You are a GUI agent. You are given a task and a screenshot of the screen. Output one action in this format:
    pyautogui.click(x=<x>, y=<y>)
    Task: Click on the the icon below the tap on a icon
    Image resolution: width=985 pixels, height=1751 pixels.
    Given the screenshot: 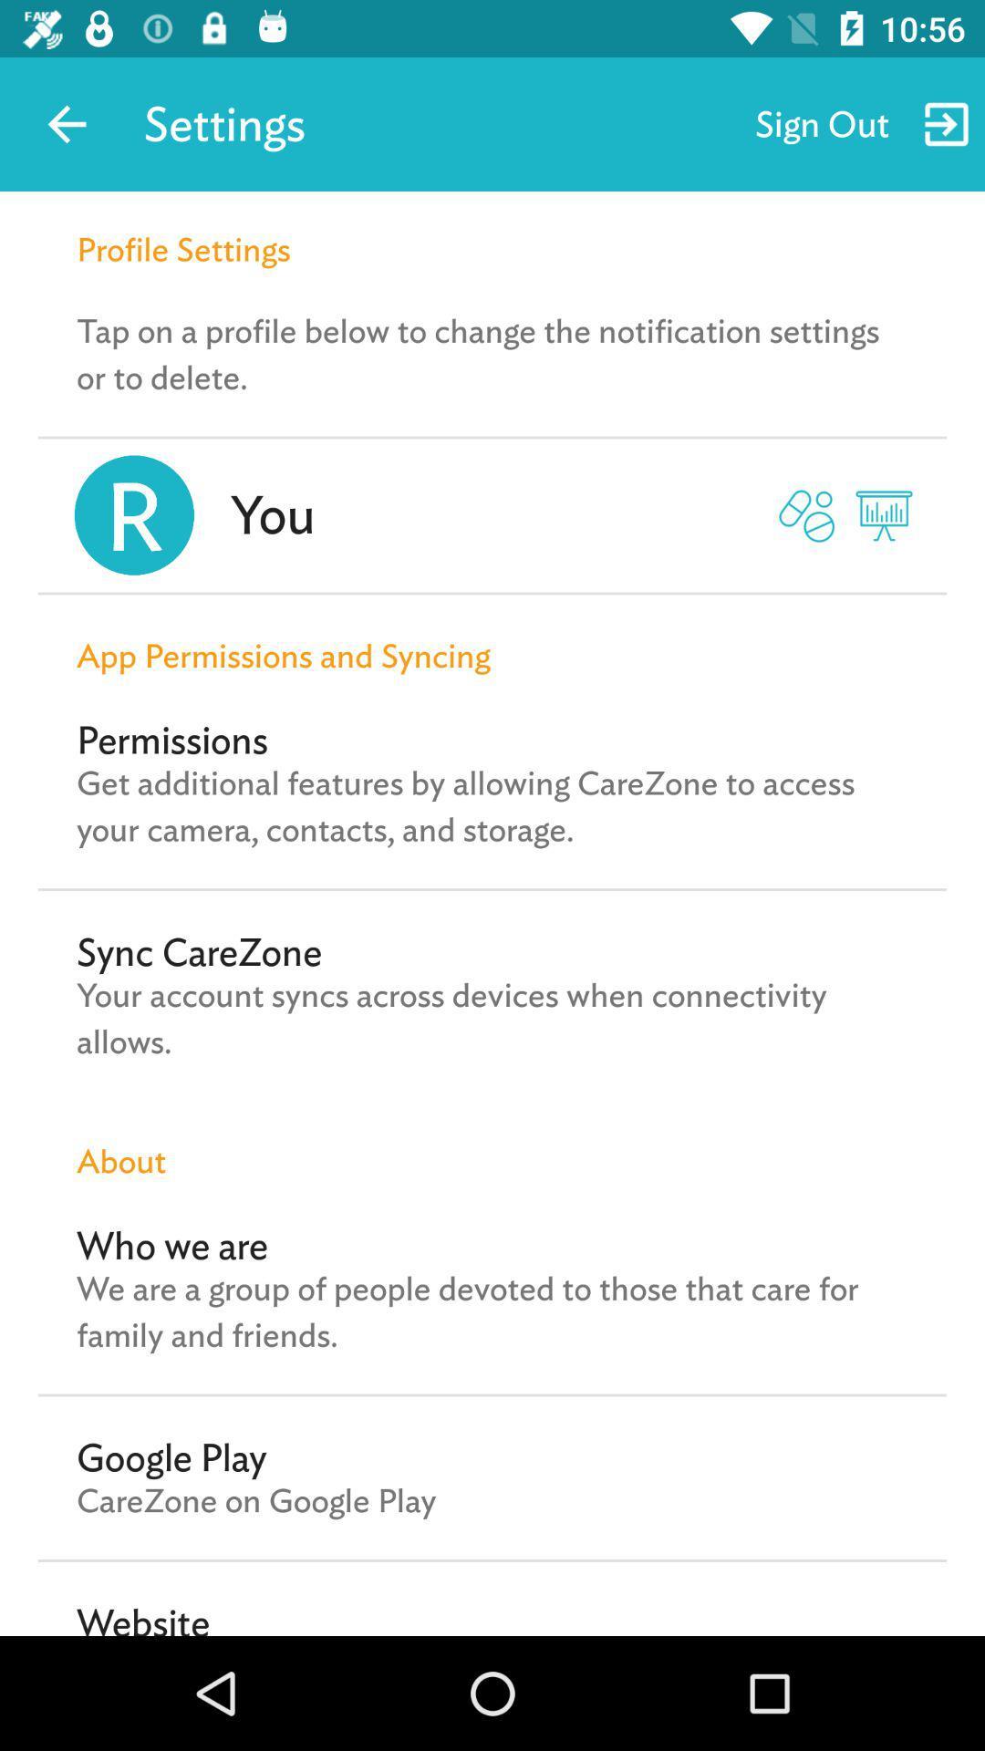 What is the action you would take?
    pyautogui.click(x=273, y=514)
    